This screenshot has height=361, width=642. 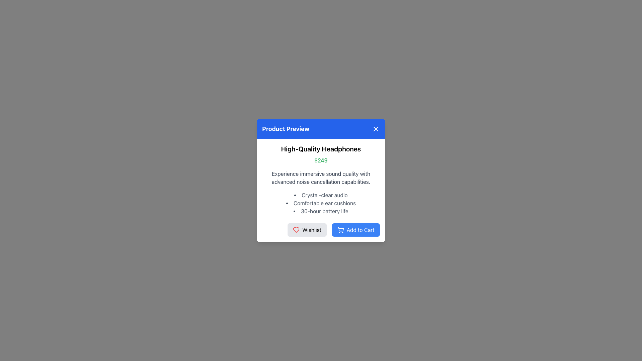 What do you see at coordinates (340, 229) in the screenshot?
I see `the stylized grocery cart icon embedded within the SVG block` at bounding box center [340, 229].